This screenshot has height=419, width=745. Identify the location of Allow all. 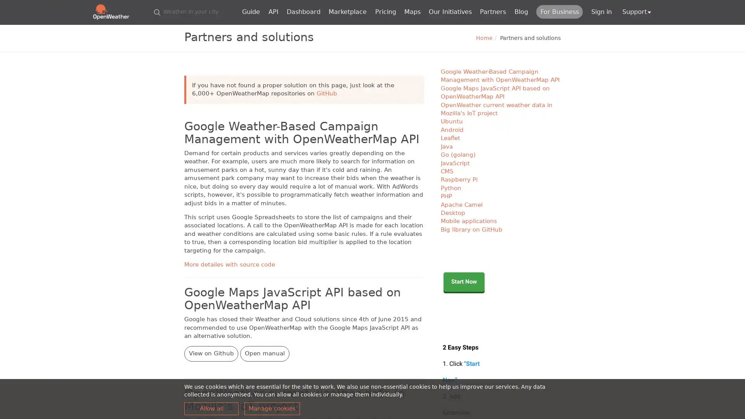
(211, 408).